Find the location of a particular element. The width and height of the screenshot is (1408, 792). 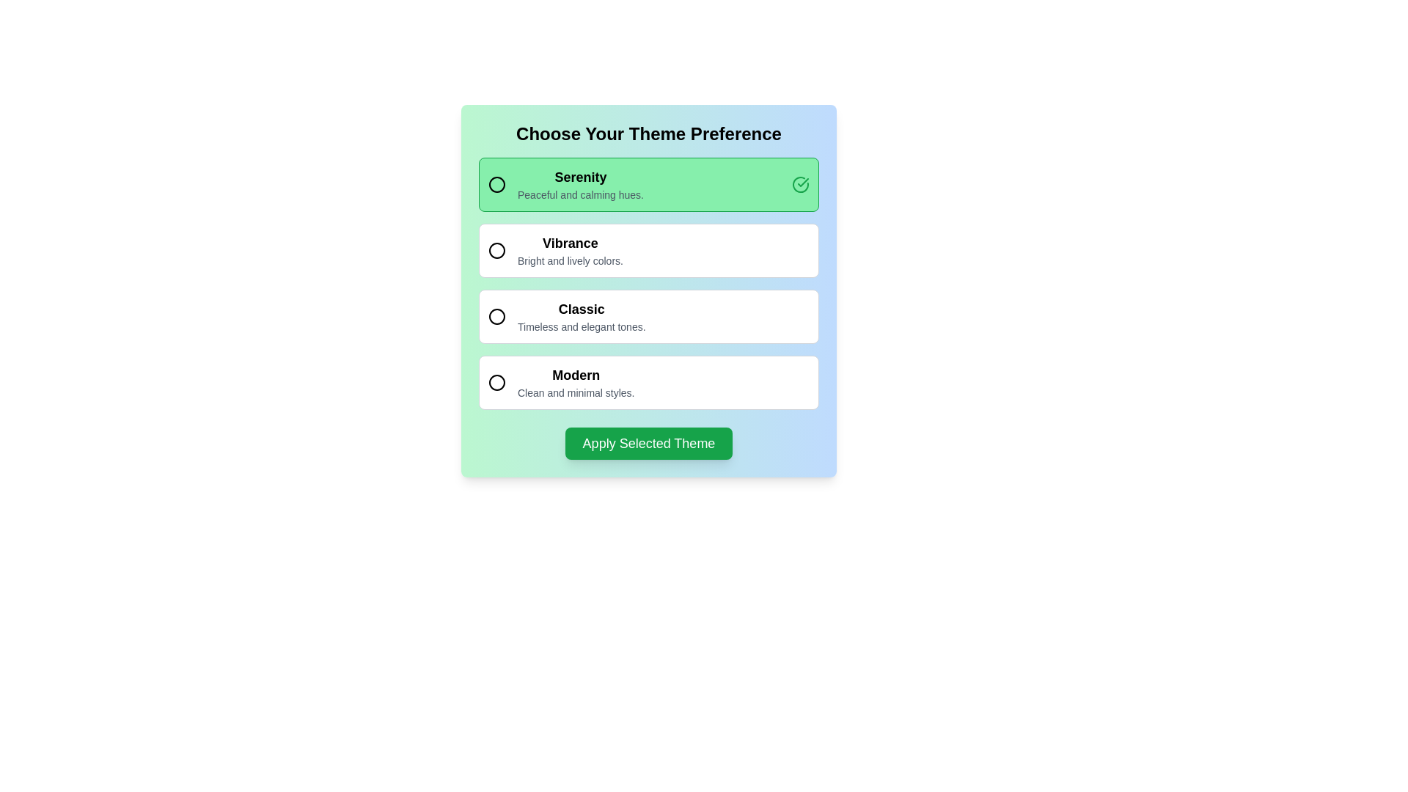

the first selectable theme labeled 'Serenity' in the 'Choose Your Theme Preference' section and select it via keyboard input is located at coordinates (648, 183).